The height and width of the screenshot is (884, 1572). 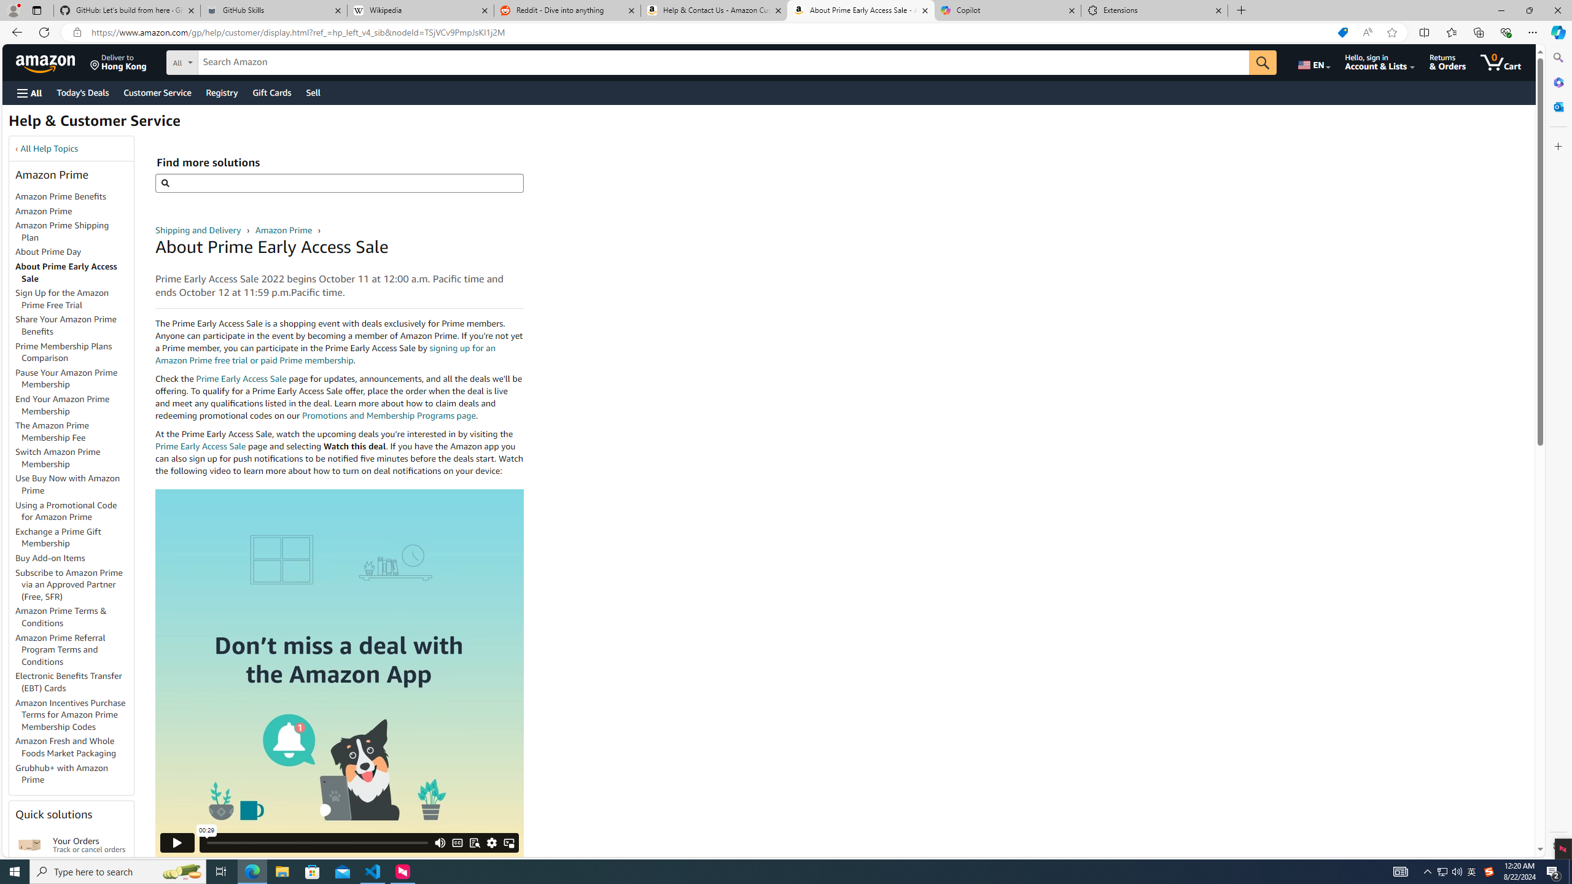 What do you see at coordinates (74, 405) in the screenshot?
I see `'End Your Amazon Prime Membership'` at bounding box center [74, 405].